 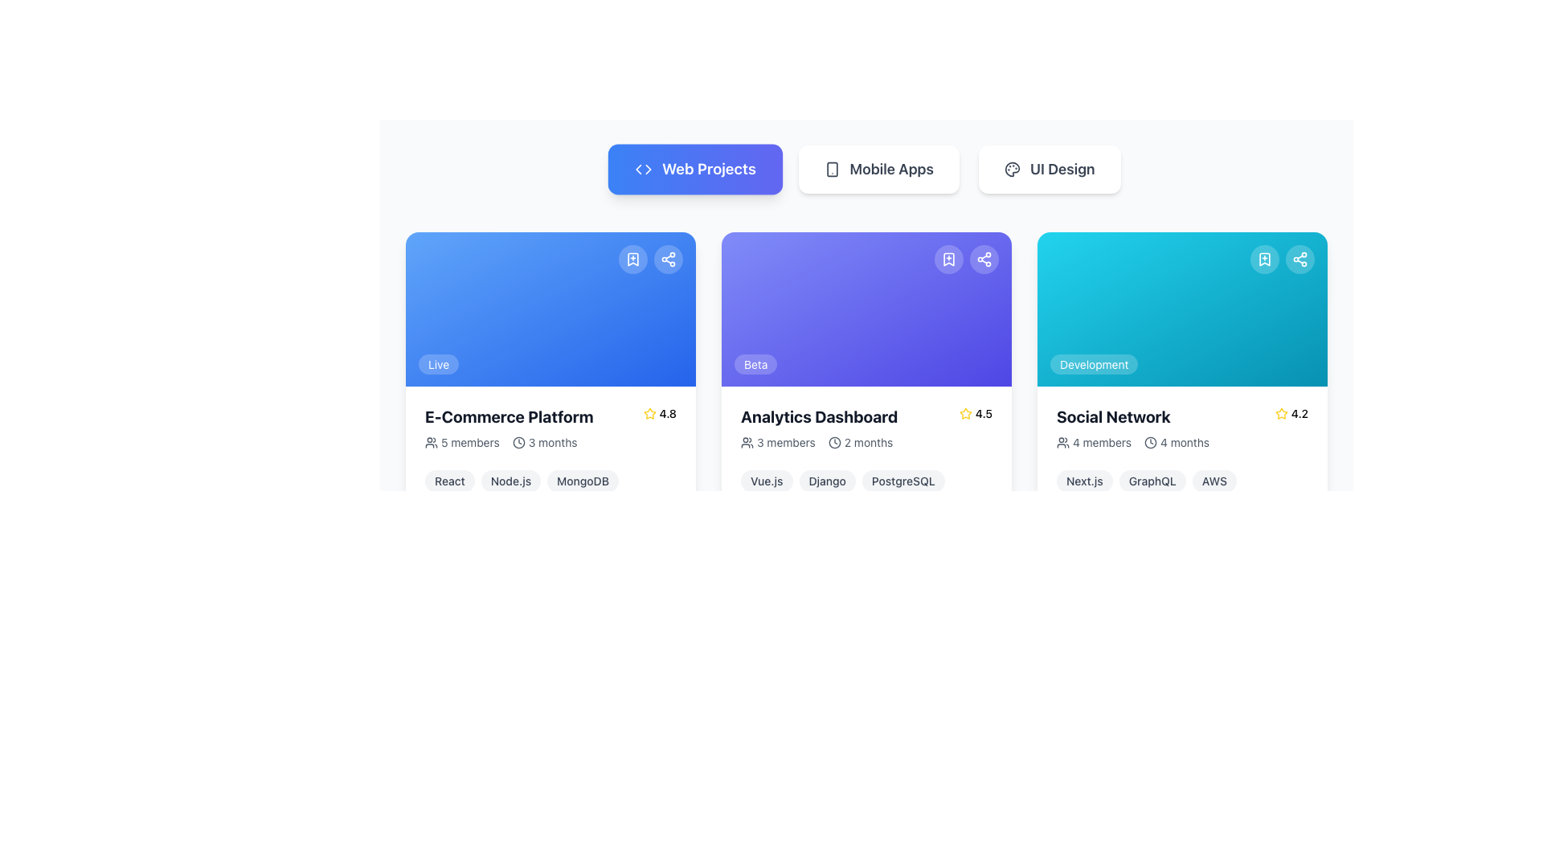 What do you see at coordinates (903, 480) in the screenshot?
I see `the pill-shaped label displaying 'PostgreSQL' to read its text` at bounding box center [903, 480].